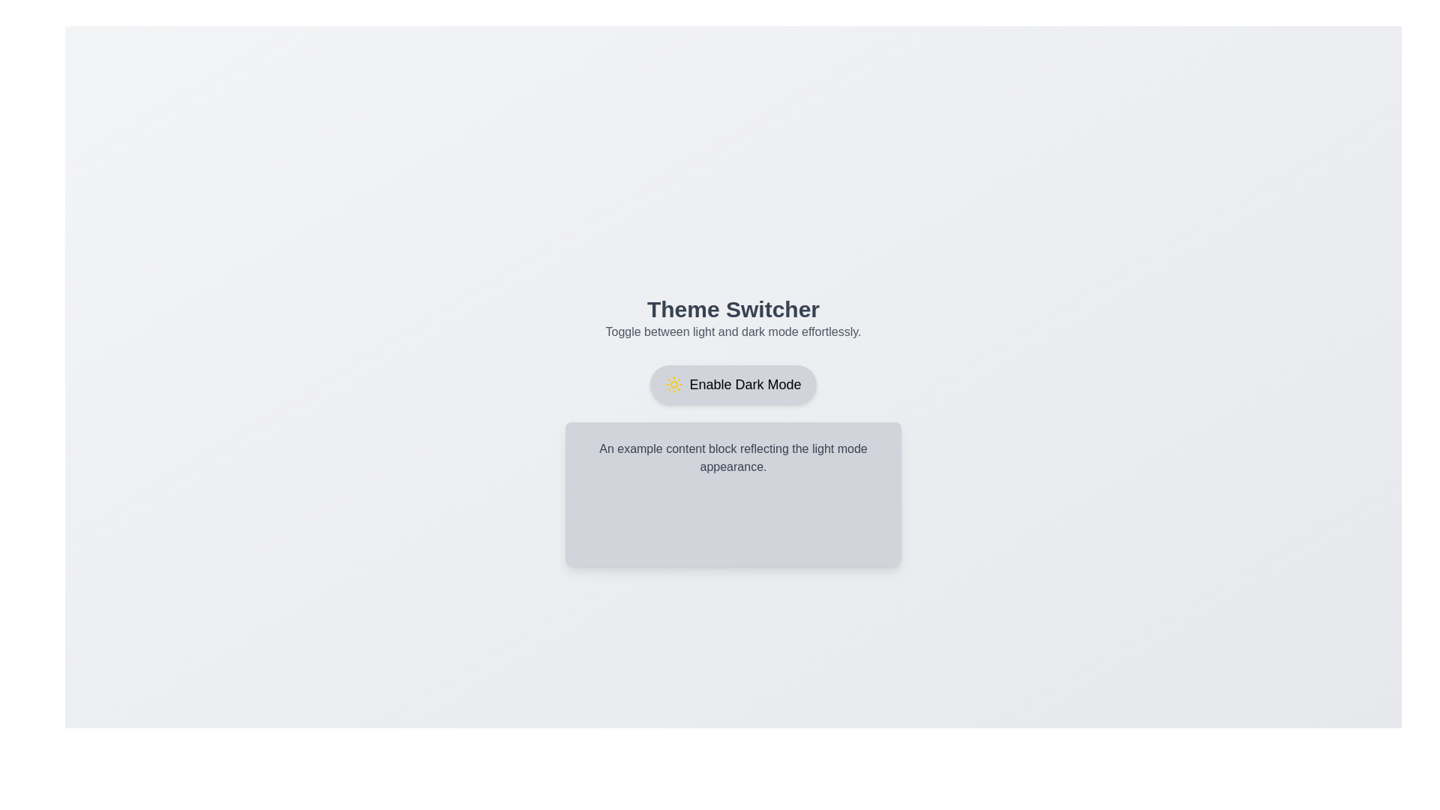 This screenshot has width=1440, height=810. Describe the element at coordinates (733, 317) in the screenshot. I see `the Text block that serves as a descriptive header with the title 'Theme Switcher' and the subtitle 'Toggle between light and dark mode effortlessly.'` at that location.